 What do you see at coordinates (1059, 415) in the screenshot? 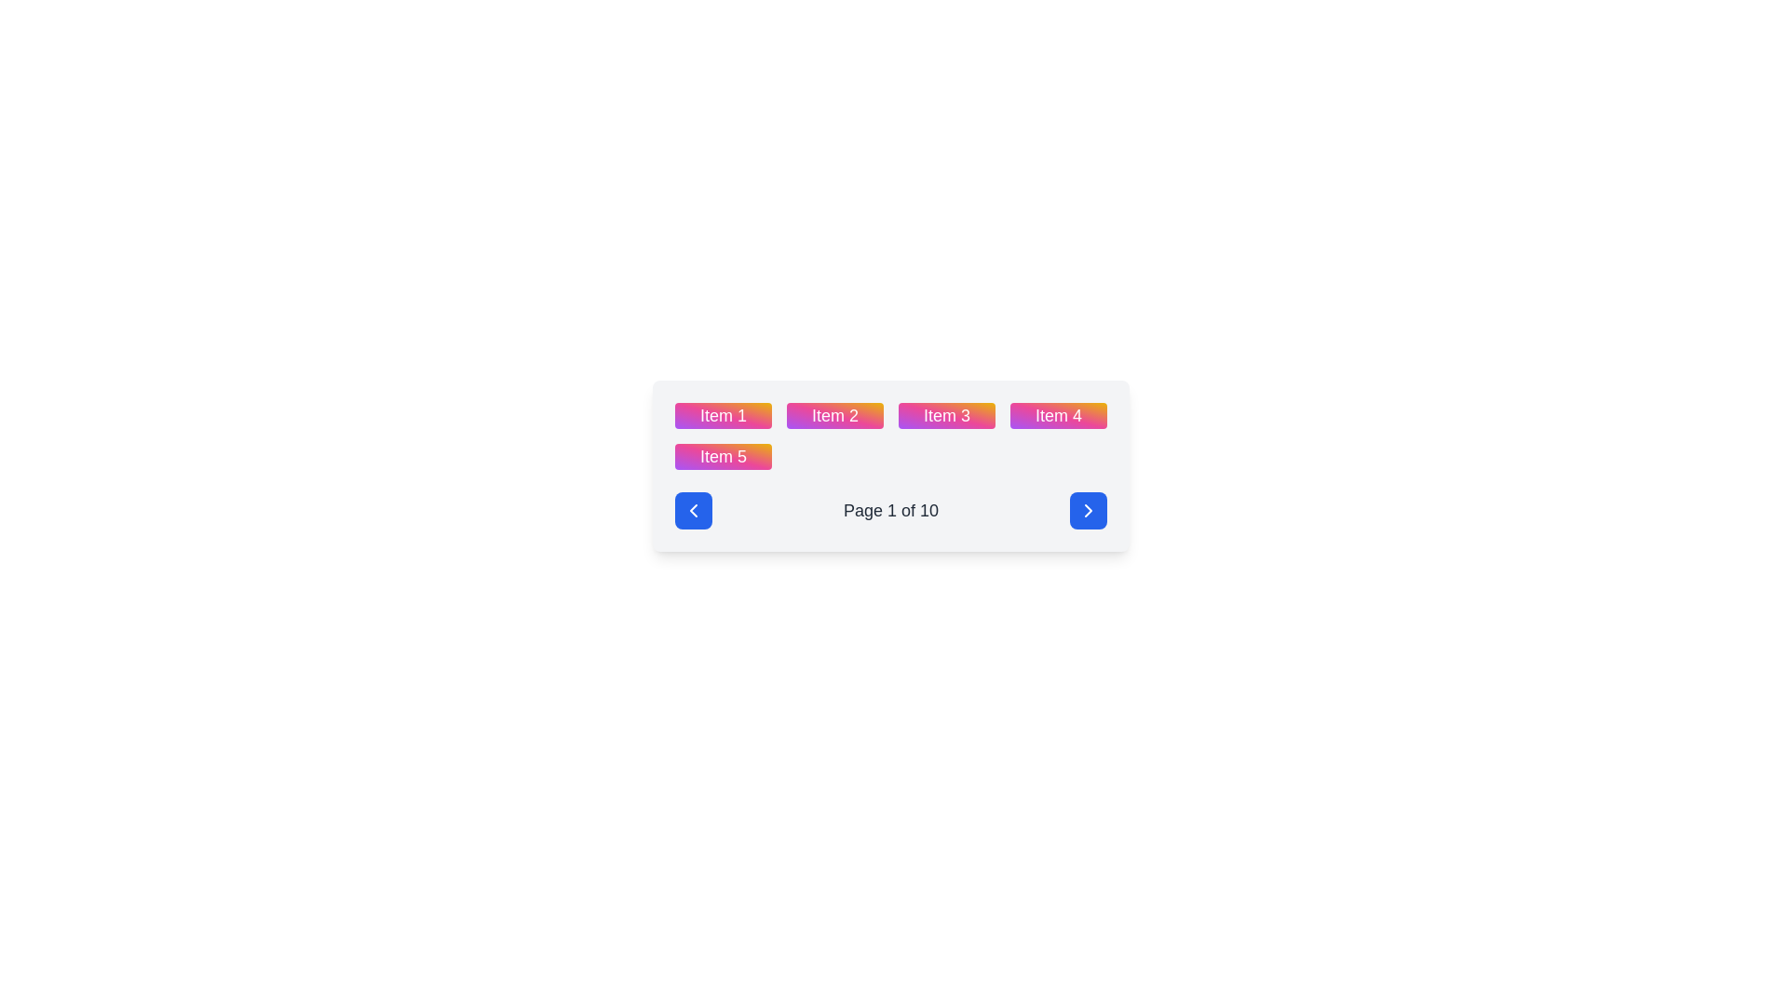
I see `the text box displaying 'Item 4', which is a horizontally-aligned rectangular box with a gradient background` at bounding box center [1059, 415].